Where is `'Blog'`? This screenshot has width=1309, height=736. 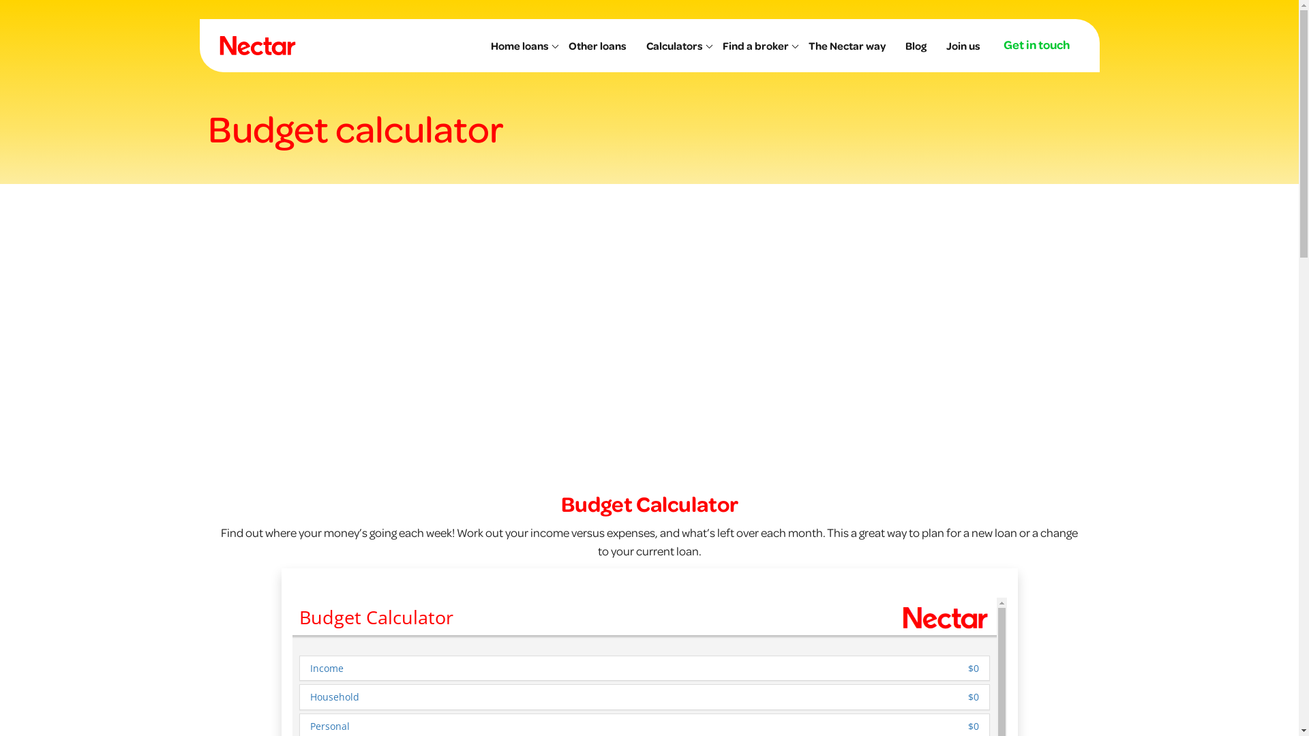
'Blog' is located at coordinates (919, 44).